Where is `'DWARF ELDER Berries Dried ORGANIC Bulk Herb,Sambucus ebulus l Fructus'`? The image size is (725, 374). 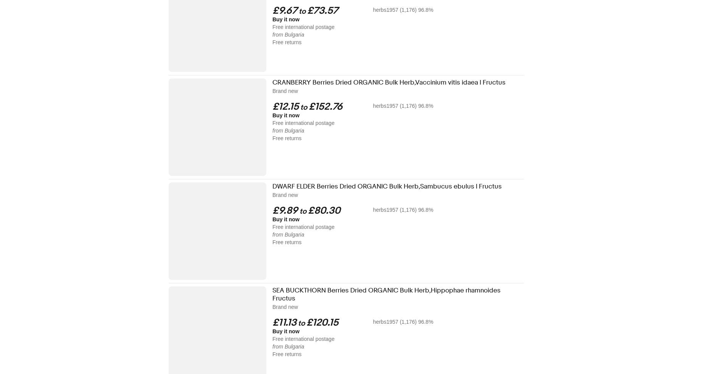 'DWARF ELDER Berries Dried ORGANIC Bulk Herb,Sambucus ebulus l Fructus' is located at coordinates (387, 186).